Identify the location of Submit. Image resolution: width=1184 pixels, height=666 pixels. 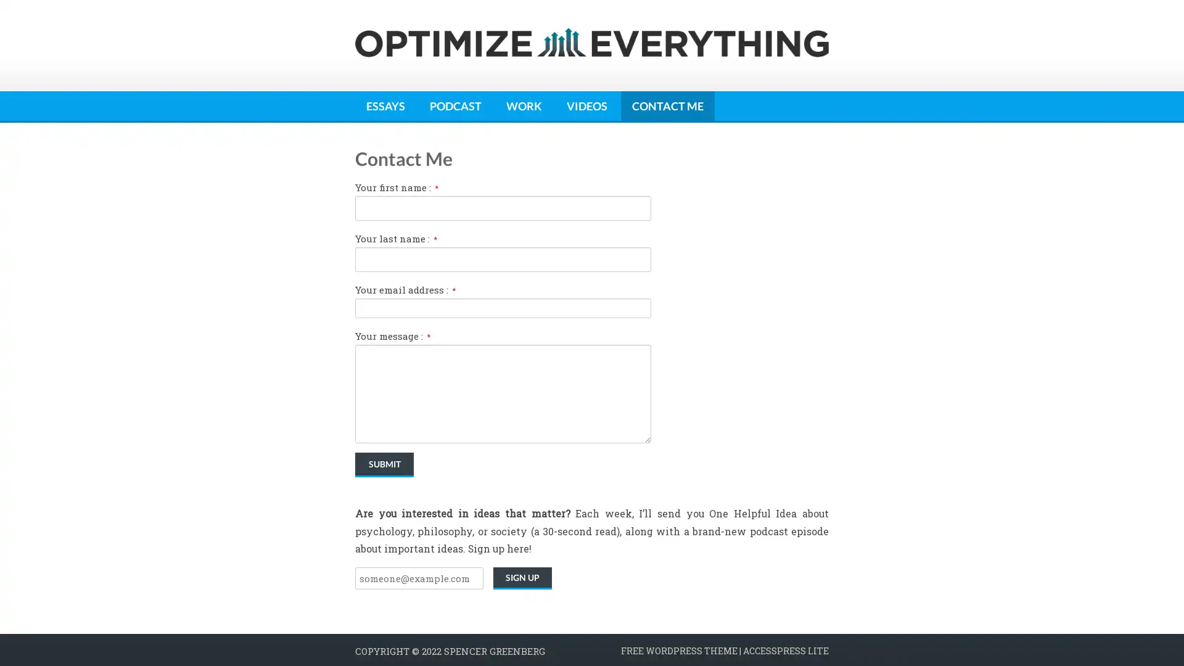
(384, 464).